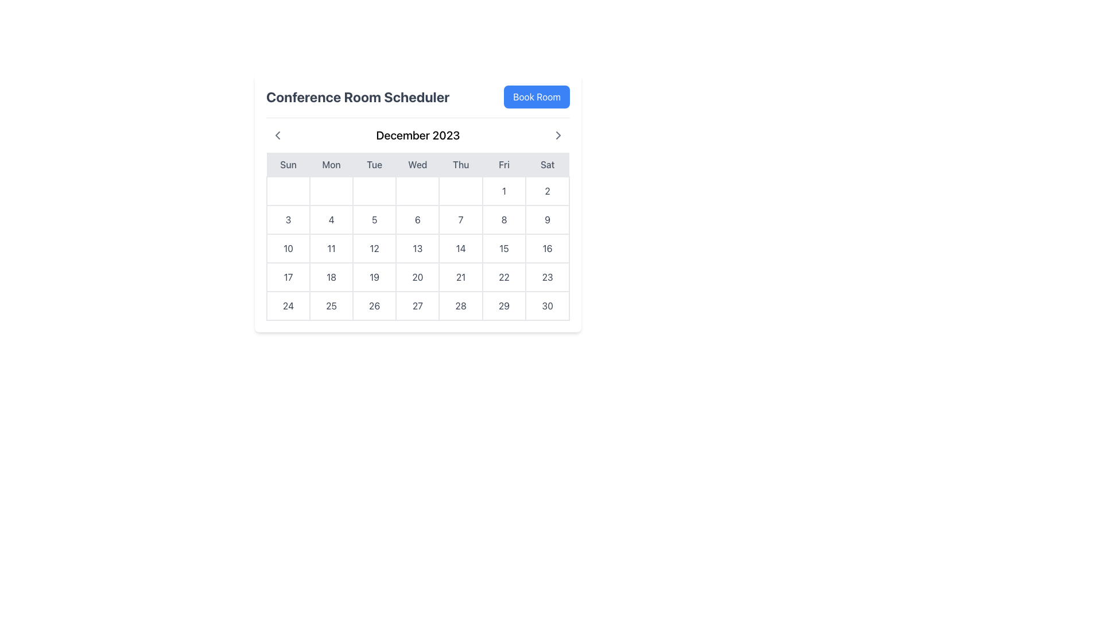 Image resolution: width=1102 pixels, height=620 pixels. Describe the element at coordinates (417, 219) in the screenshot. I see `the button representing the day '6' in the calendar` at that location.